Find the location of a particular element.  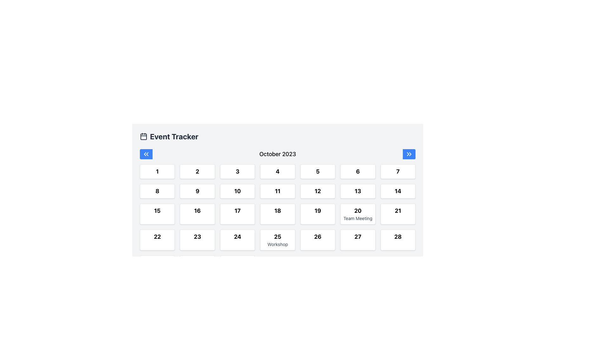

the text label displaying 'October 2023' in the header section of the calendar interface is located at coordinates (278, 154).